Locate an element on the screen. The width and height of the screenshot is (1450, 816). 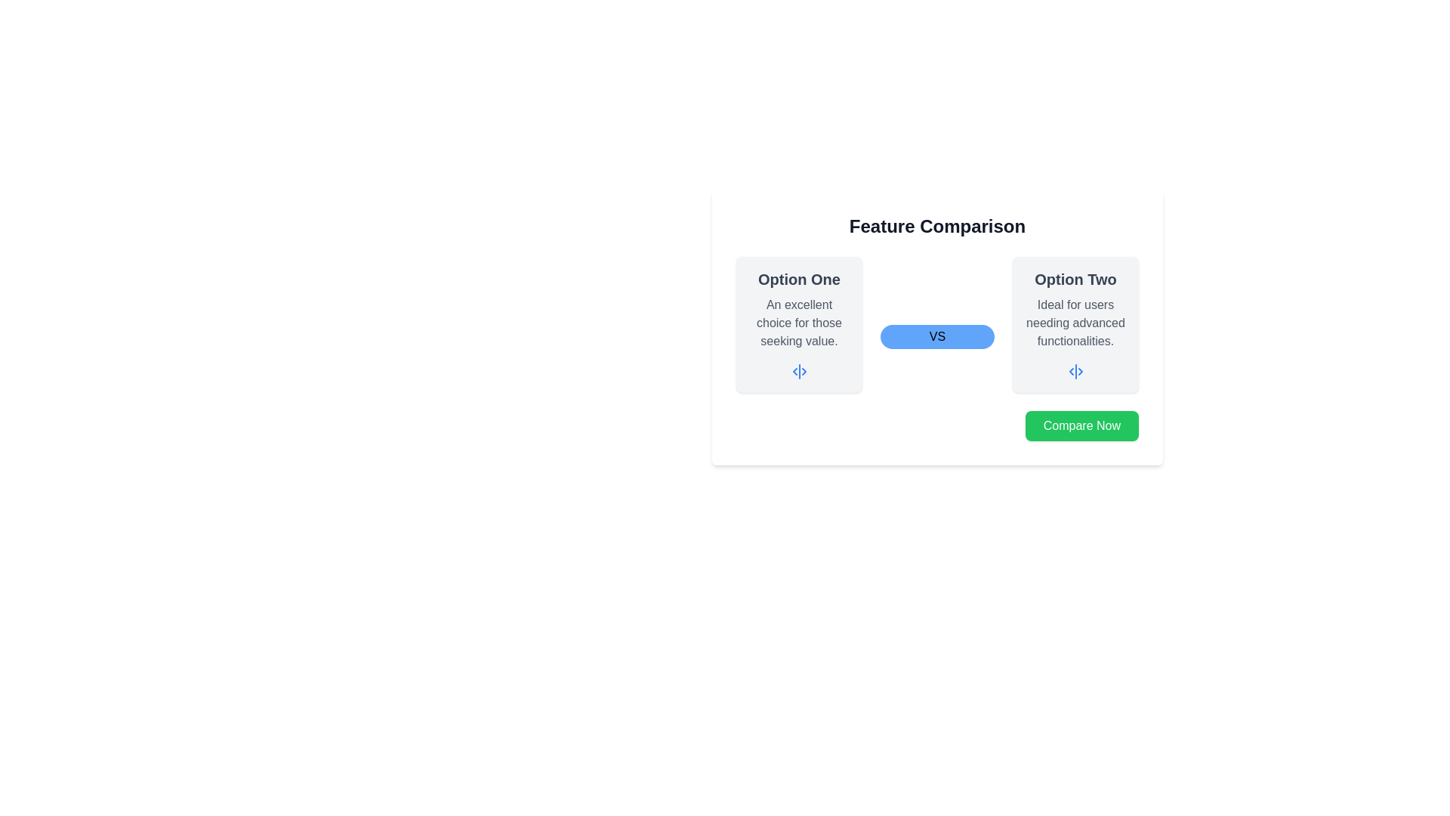
the 'Compare Now' button with a vibrant green background and rounded corners to initiate the comparison is located at coordinates (1081, 425).